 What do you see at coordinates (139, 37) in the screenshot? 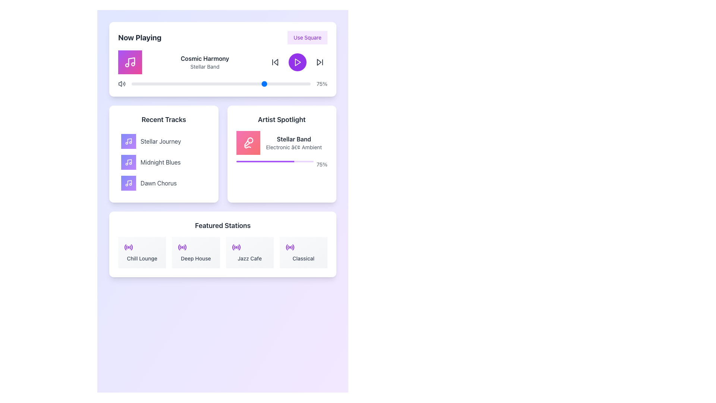
I see `the 'Now Playing' header element located in the top center-left region of the interface, which indicates the current context of the section` at bounding box center [139, 37].